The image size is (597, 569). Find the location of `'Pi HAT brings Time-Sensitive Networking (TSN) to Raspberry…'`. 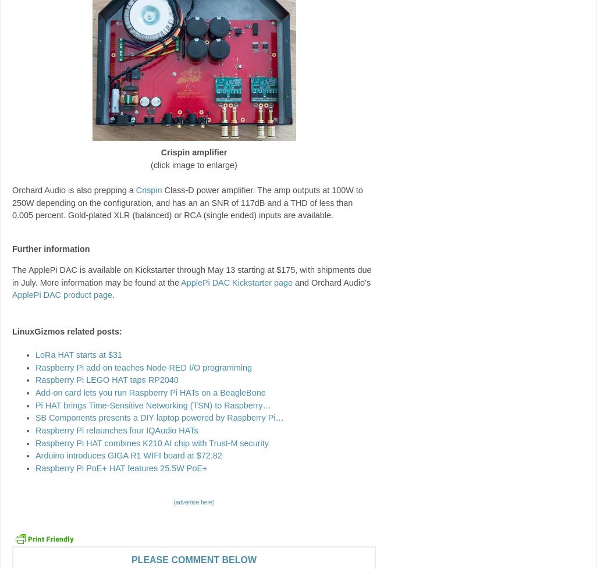

'Pi HAT brings Time-Sensitive Networking (TSN) to Raspberry…' is located at coordinates (152, 405).